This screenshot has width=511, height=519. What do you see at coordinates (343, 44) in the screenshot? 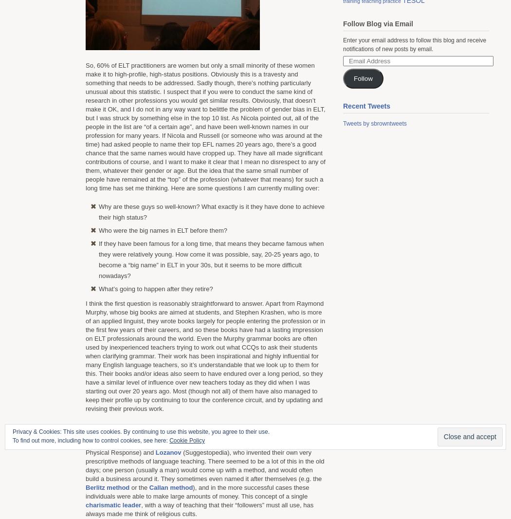
I see `'Enter your email address to follow this blog and receive notifications of new posts by email.'` at bounding box center [343, 44].